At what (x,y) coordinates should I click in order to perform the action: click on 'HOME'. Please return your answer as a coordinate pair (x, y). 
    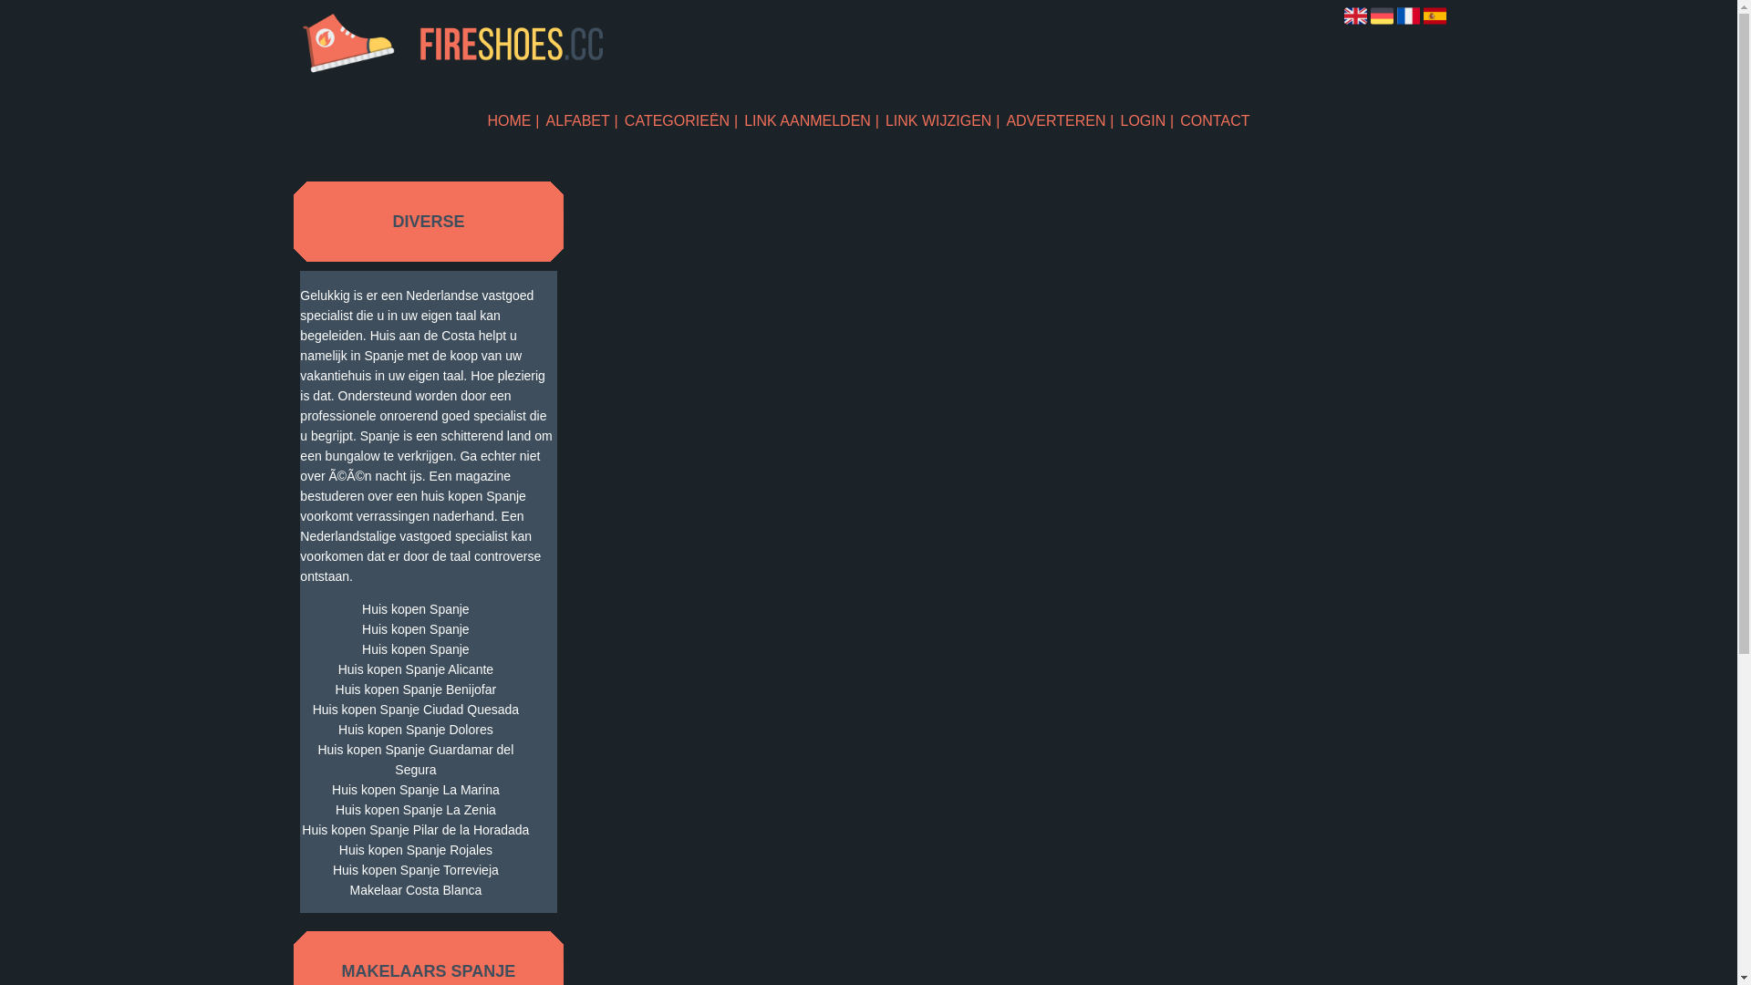
    Looking at the image, I should click on (513, 120).